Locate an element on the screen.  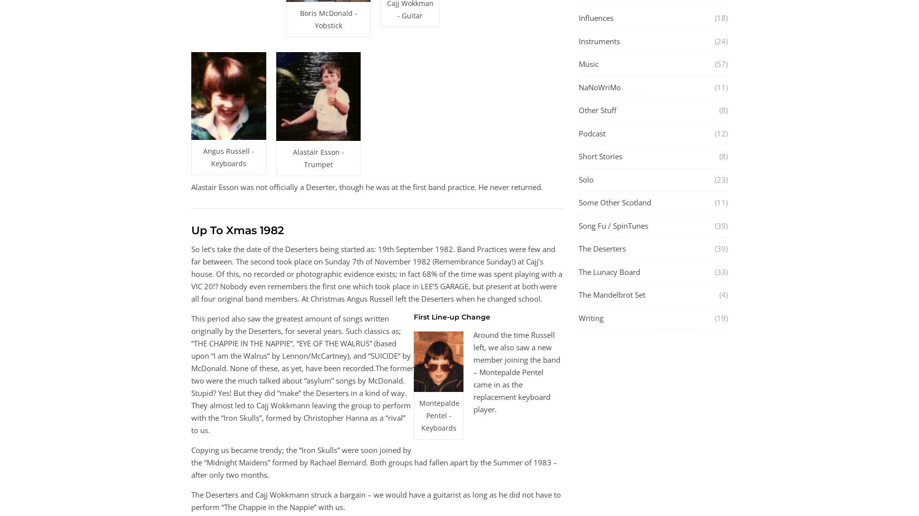
'Alastair Esson was not officially a Deserter, though he was at the first band practice. He never returned.' is located at coordinates (190, 186).